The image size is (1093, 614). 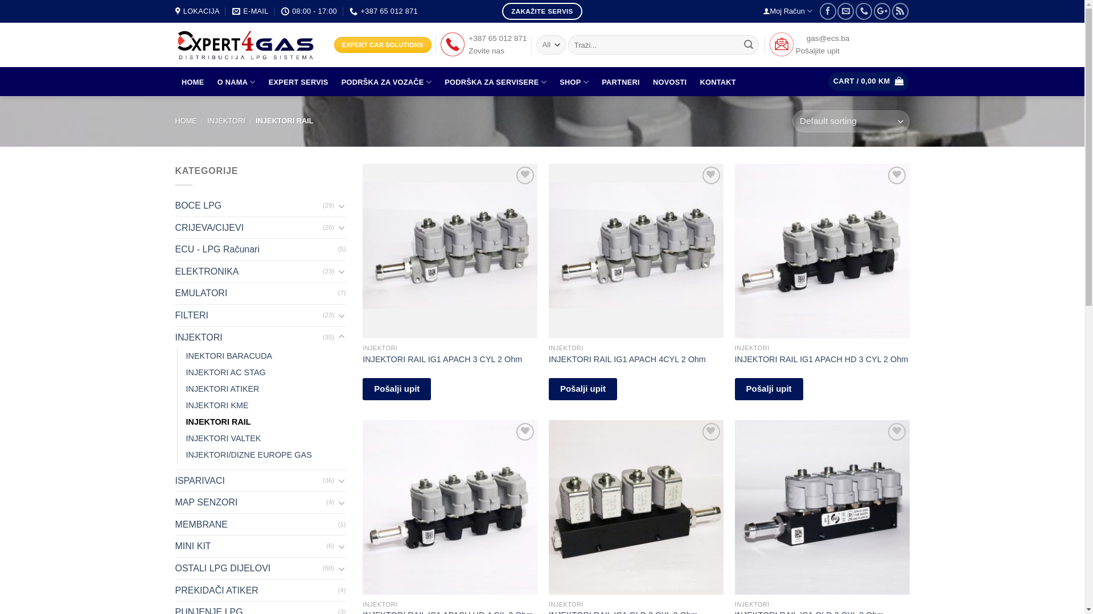 What do you see at coordinates (186, 121) in the screenshot?
I see `'HOME'` at bounding box center [186, 121].